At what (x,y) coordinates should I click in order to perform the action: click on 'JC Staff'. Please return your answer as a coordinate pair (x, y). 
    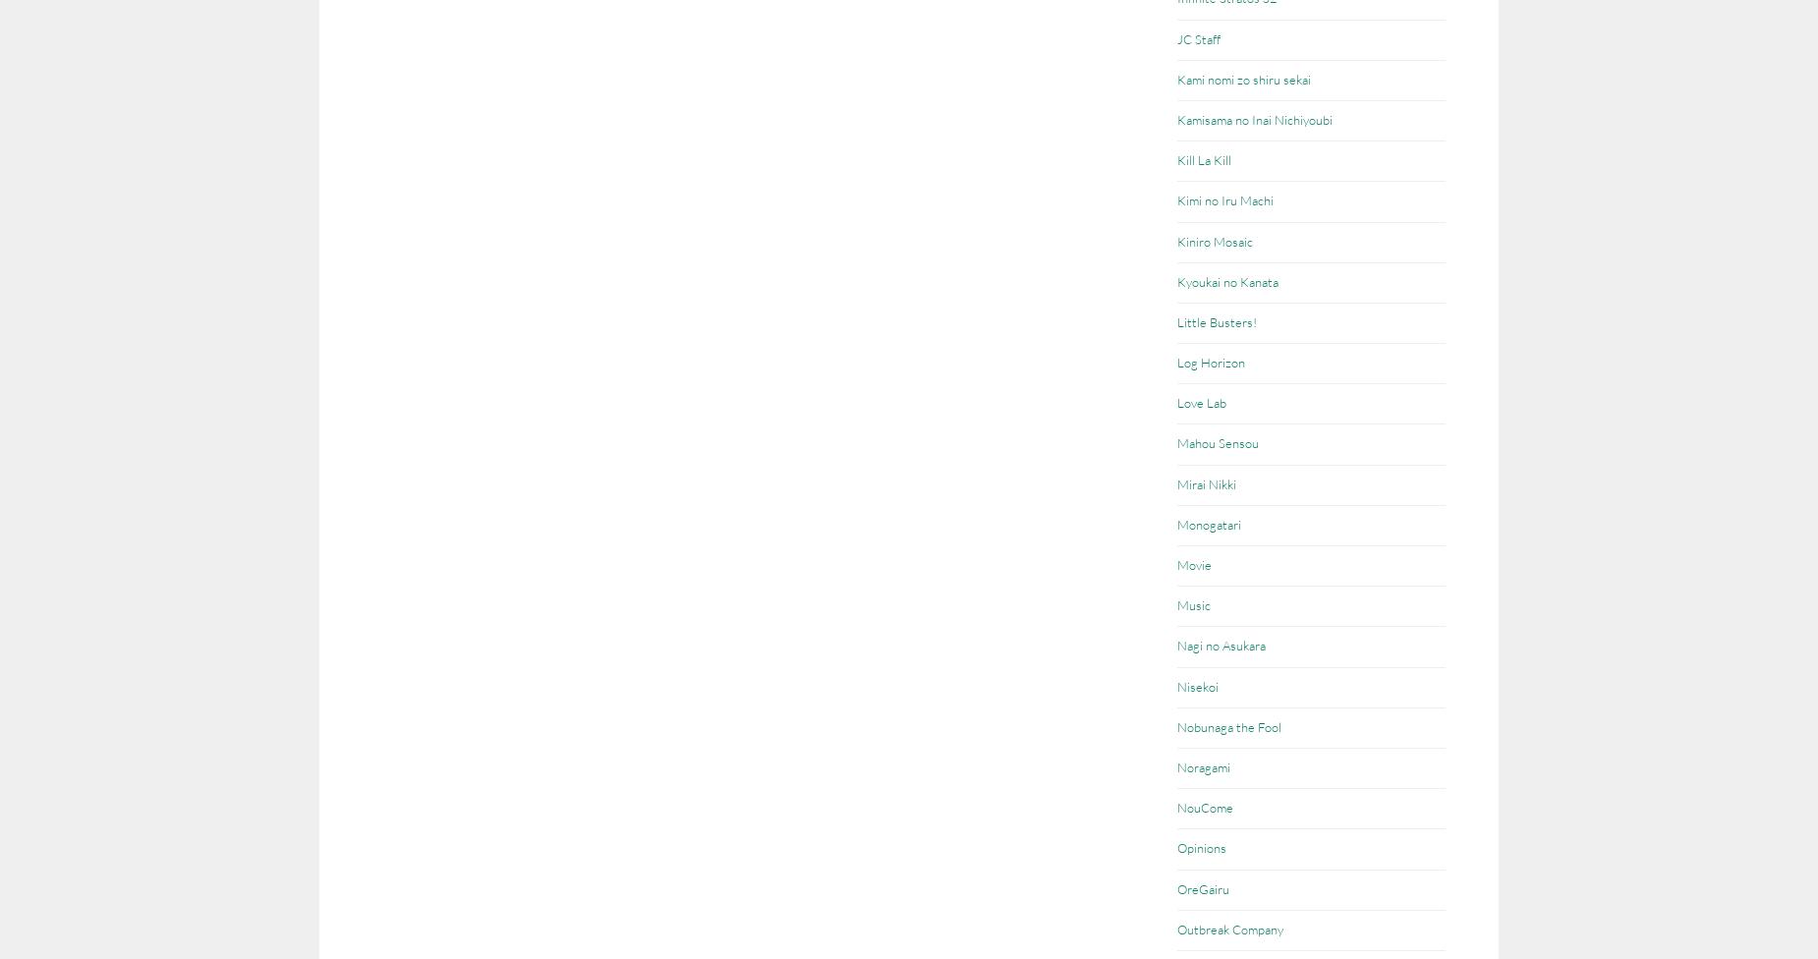
    Looking at the image, I should click on (1198, 38).